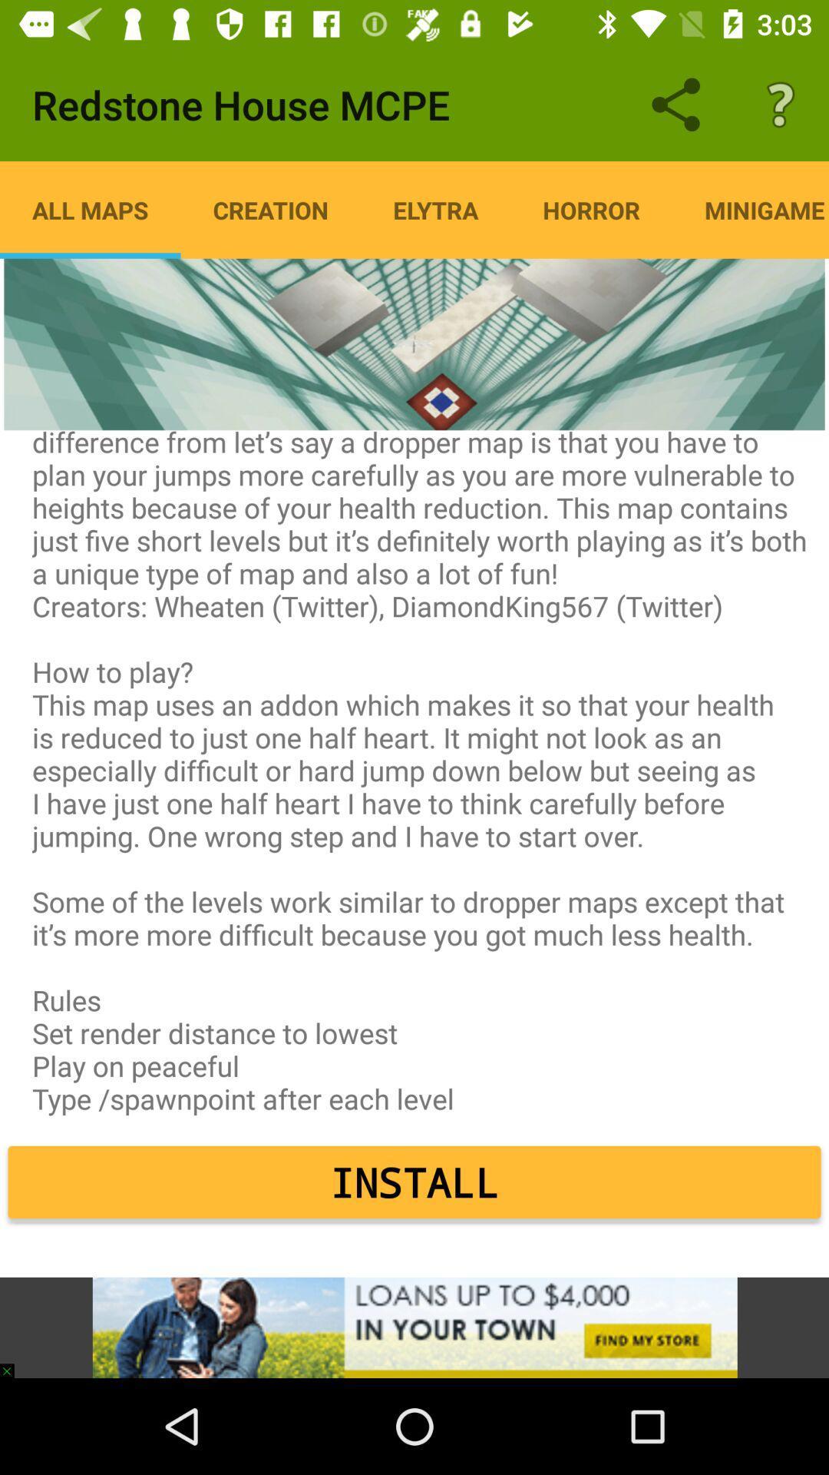 The height and width of the screenshot is (1475, 829). I want to click on icon below the install, so click(414, 1327).